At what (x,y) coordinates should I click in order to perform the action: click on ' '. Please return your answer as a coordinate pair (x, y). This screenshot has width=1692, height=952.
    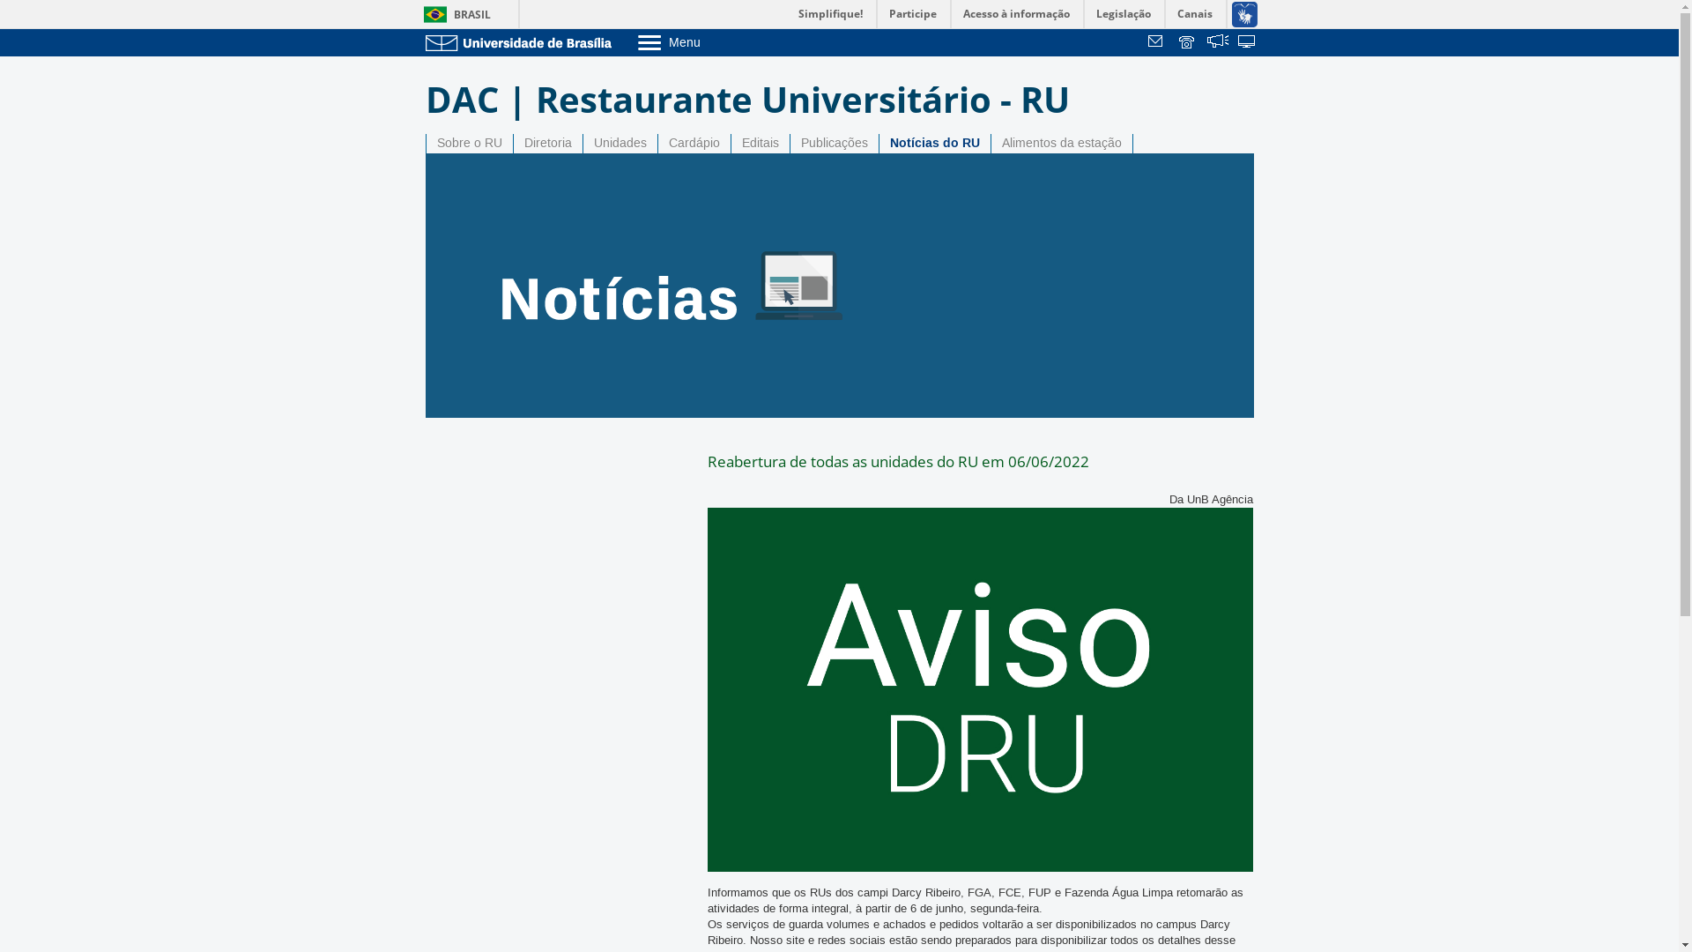
    Looking at the image, I should click on (1247, 42).